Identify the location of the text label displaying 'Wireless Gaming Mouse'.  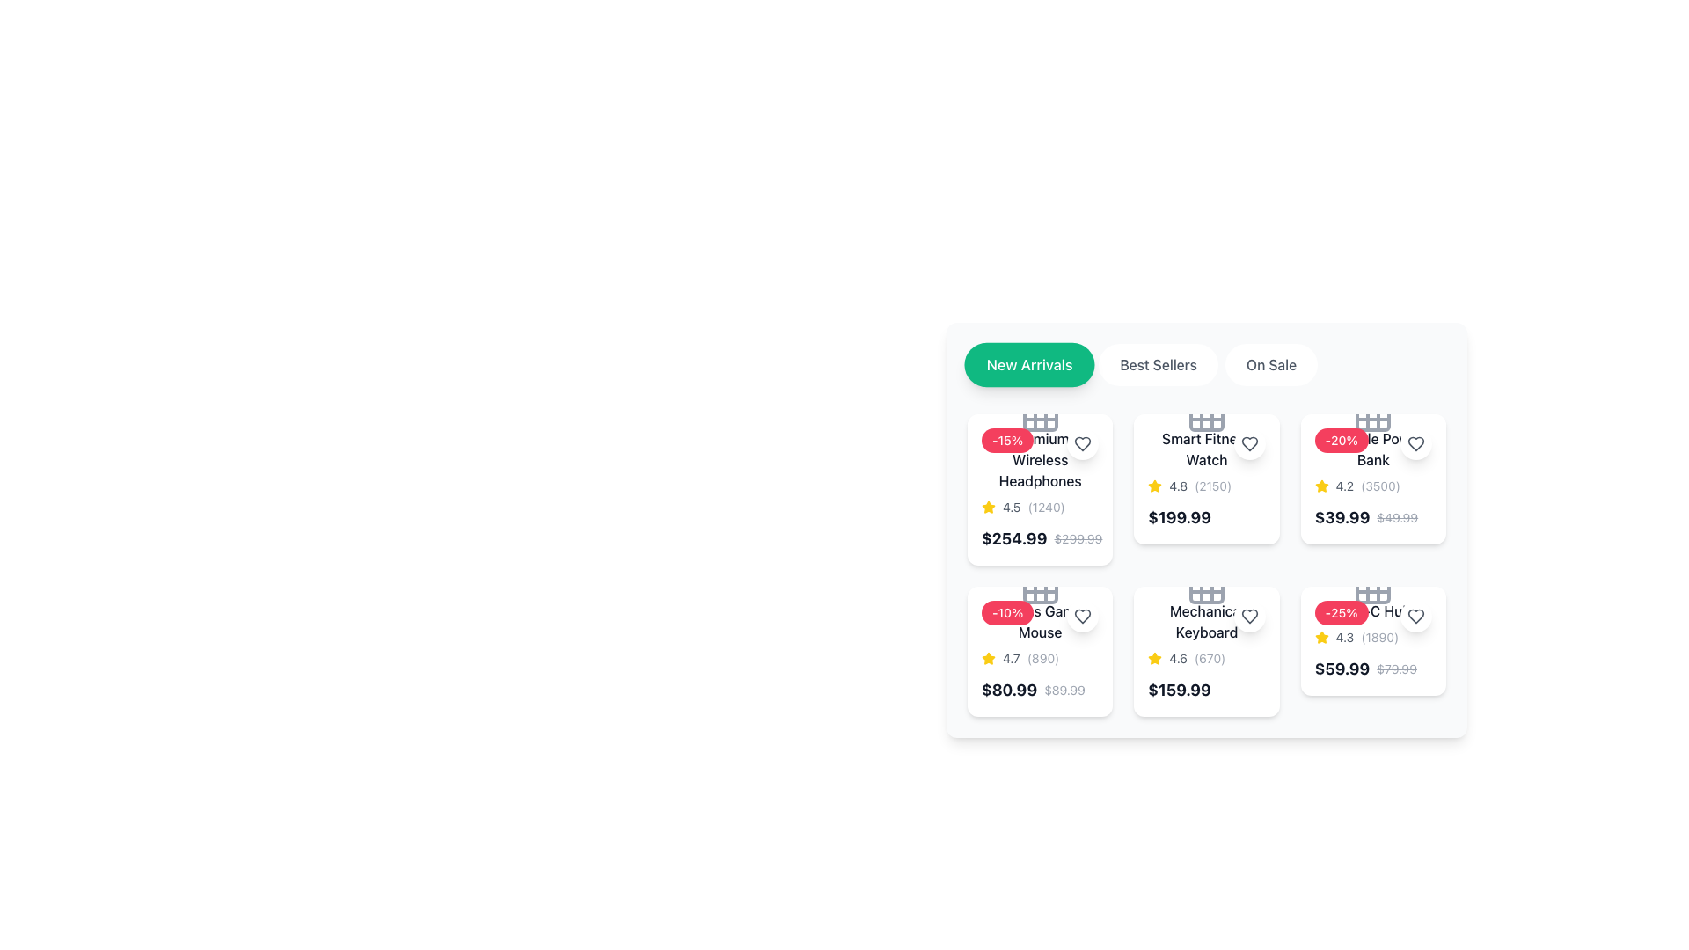
(1040, 620).